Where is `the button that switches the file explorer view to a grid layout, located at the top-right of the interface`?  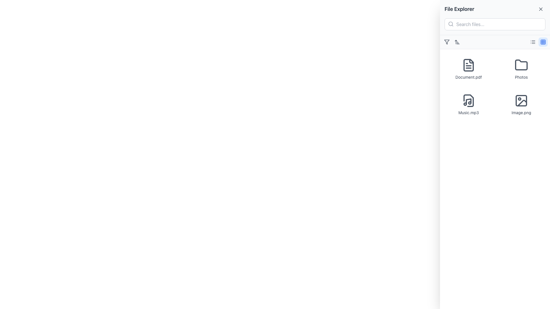
the button that switches the file explorer view to a grid layout, located at the top-right of the interface is located at coordinates (543, 41).